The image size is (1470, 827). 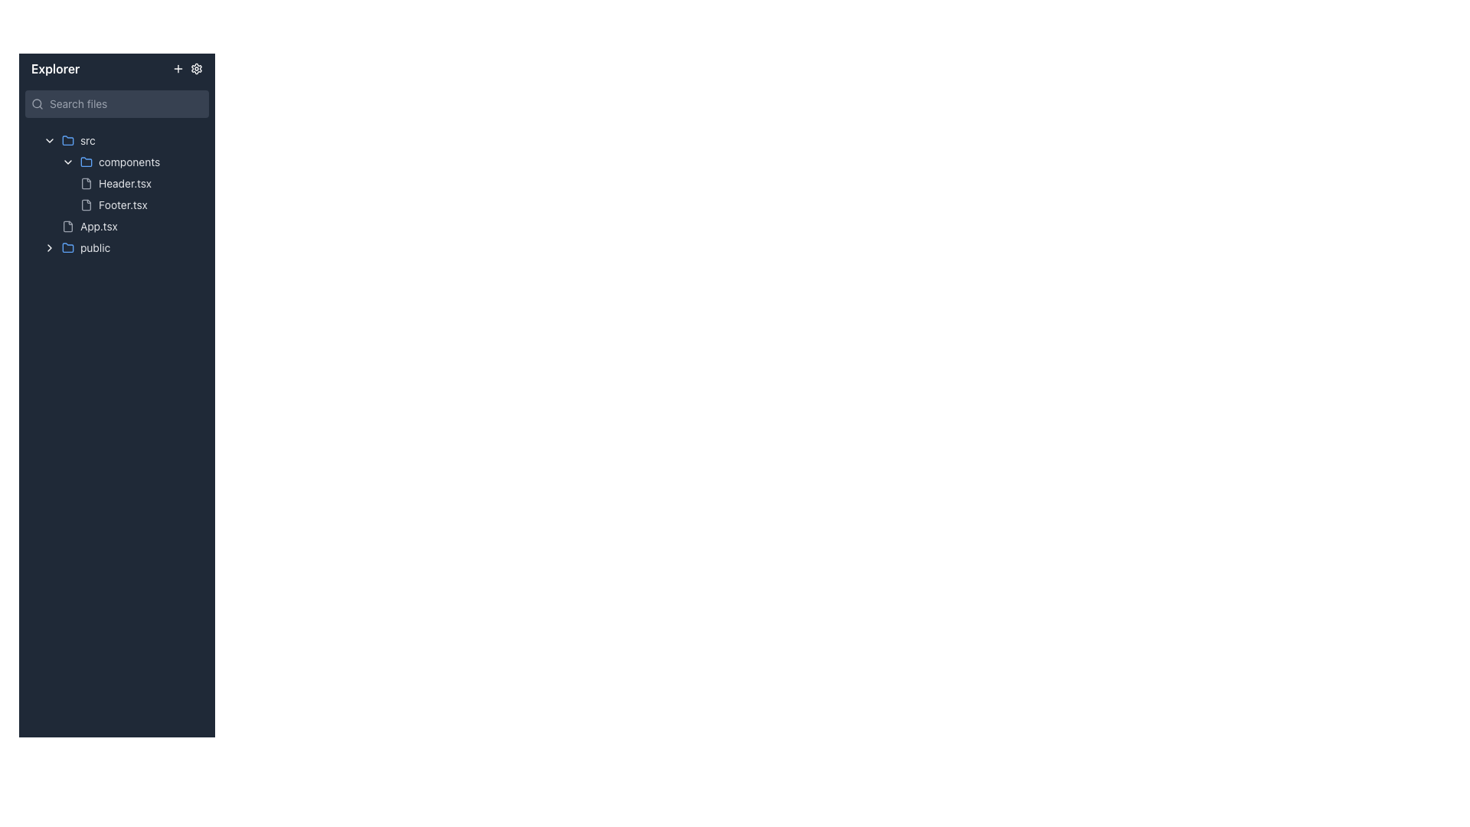 What do you see at coordinates (98, 227) in the screenshot?
I see `the text label displaying 'App.tsx', which is the third entry in the list under the 'src' folder in the file explorer interface` at bounding box center [98, 227].